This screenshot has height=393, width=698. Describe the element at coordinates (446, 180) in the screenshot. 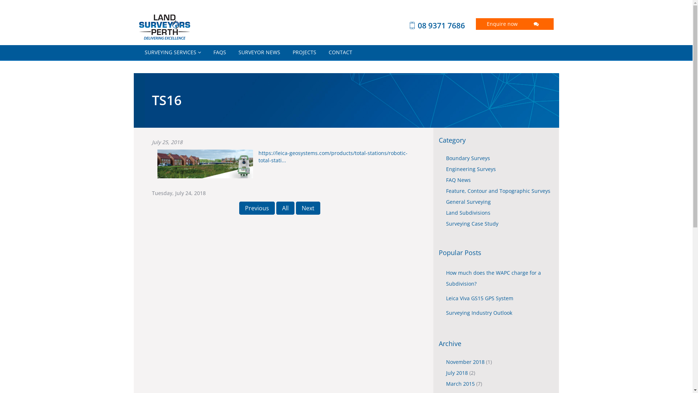

I see `'FAQ News'` at that location.